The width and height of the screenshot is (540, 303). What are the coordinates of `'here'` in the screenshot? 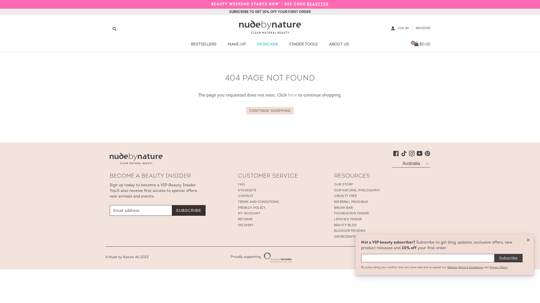 It's located at (292, 95).